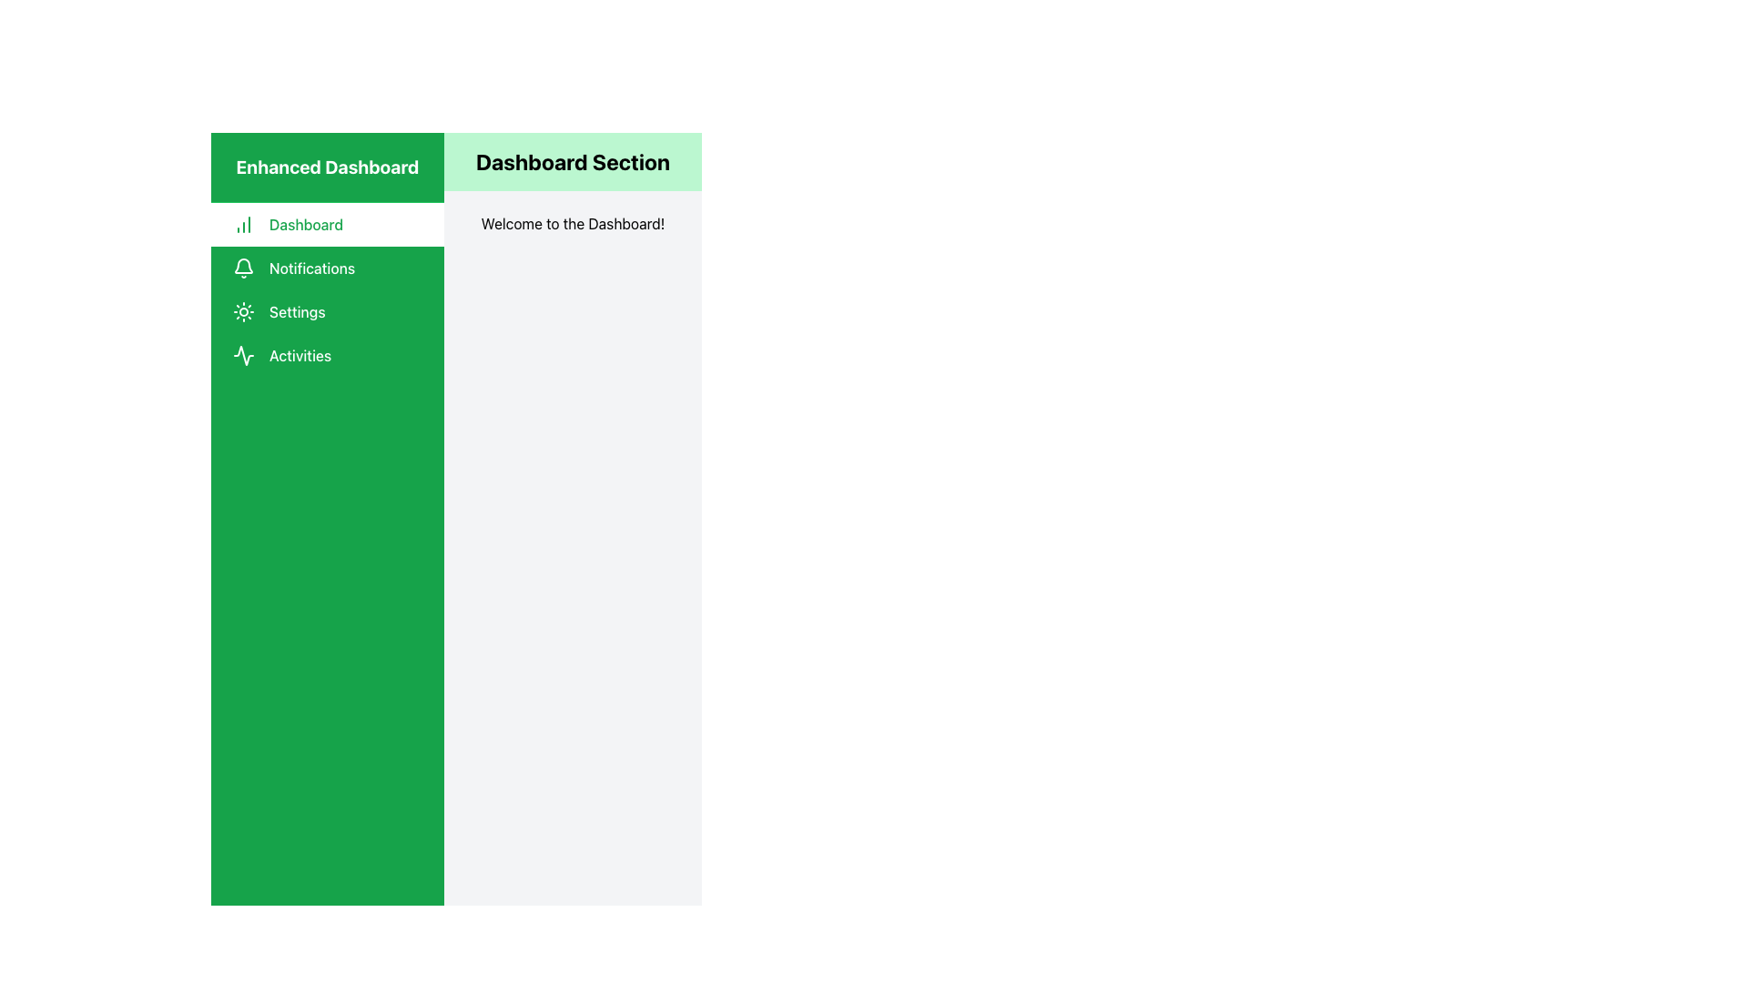 This screenshot has height=983, width=1748. I want to click on the 'Activities' SVG icon located on the left sidebar, positioned beneath the 'Settings' icon and above the 'Activities' text, so click(243, 355).